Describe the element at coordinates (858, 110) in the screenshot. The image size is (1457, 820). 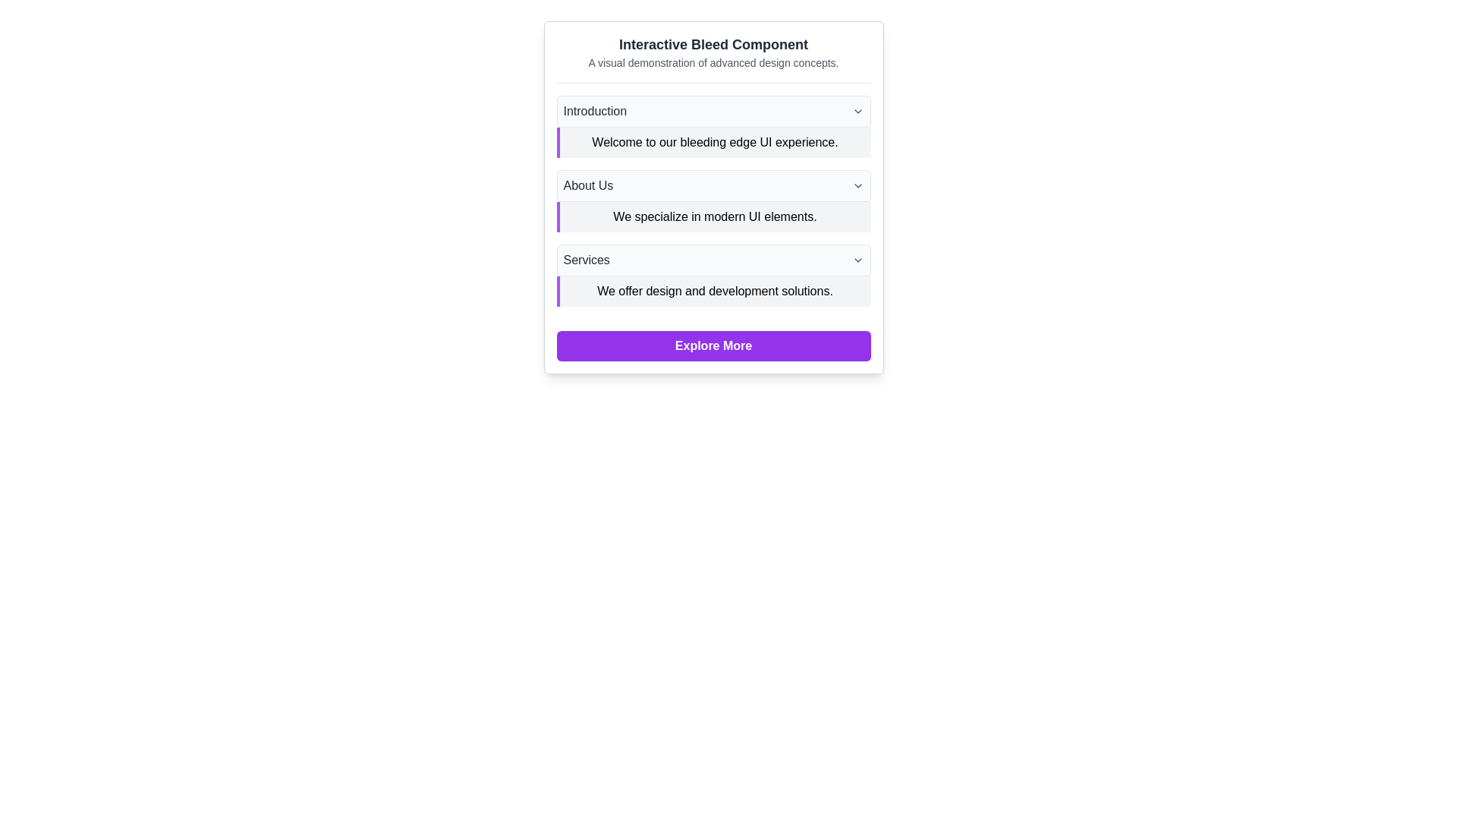
I see `the chevron icon at the far-right end of the 'Introduction' section` at that location.